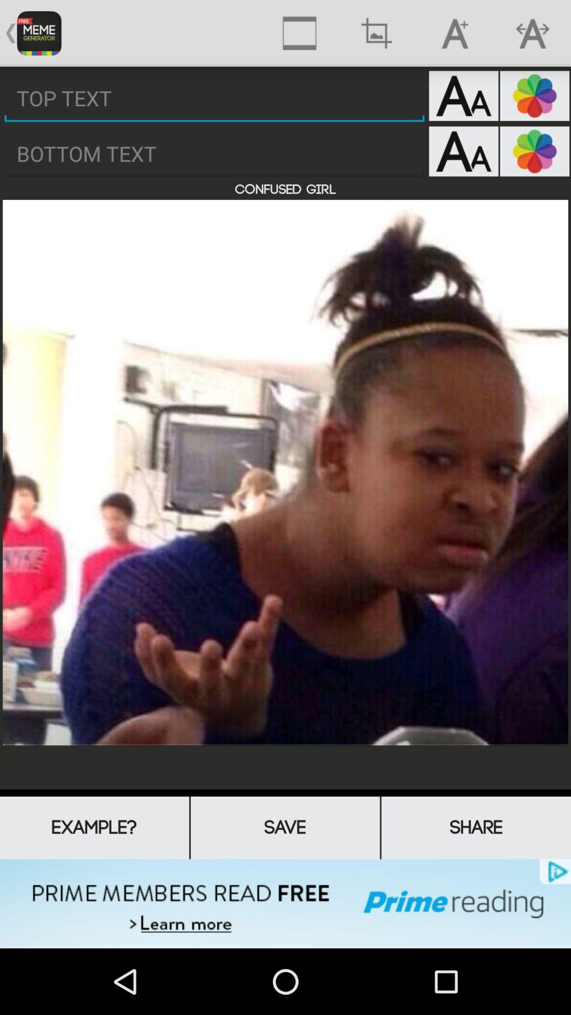  Describe the element at coordinates (535, 96) in the screenshot. I see `colours` at that location.